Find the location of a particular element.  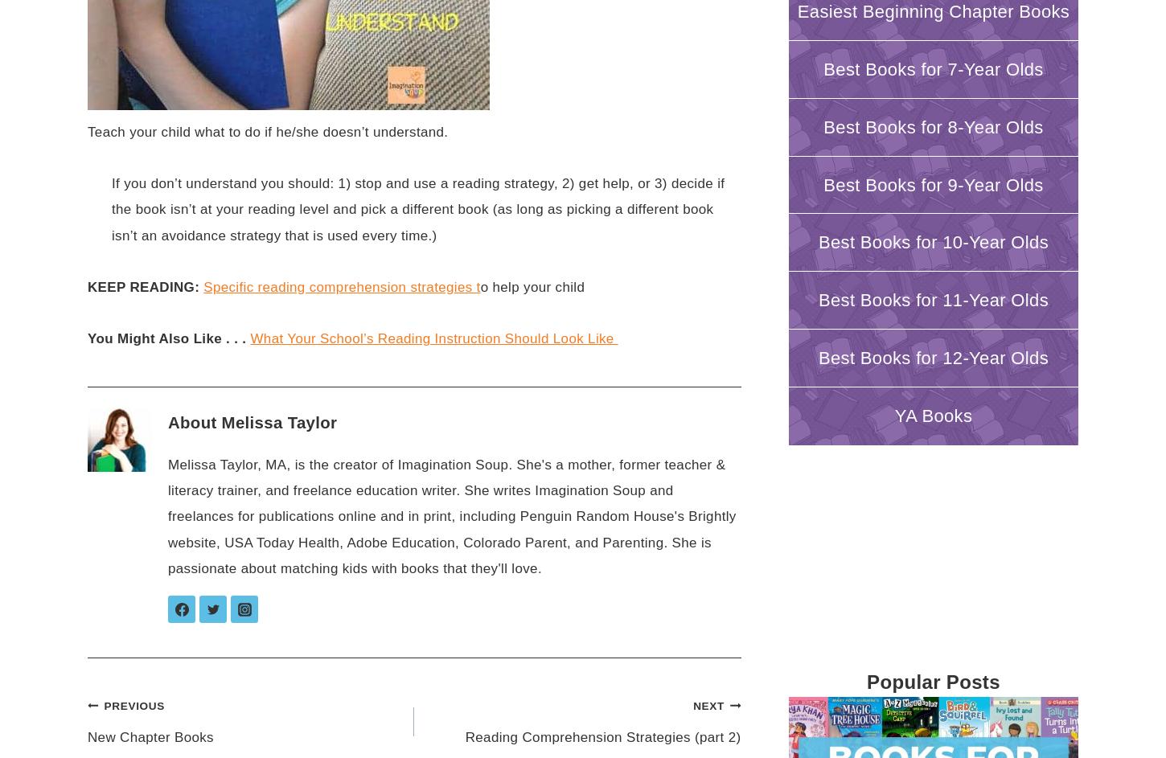

'Popular Posts' is located at coordinates (932, 681).